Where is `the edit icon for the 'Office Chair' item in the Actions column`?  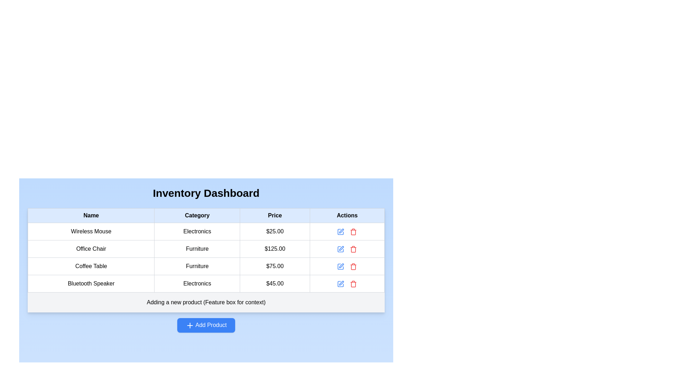
the edit icon for the 'Office Chair' item in the Actions column is located at coordinates (341, 248).